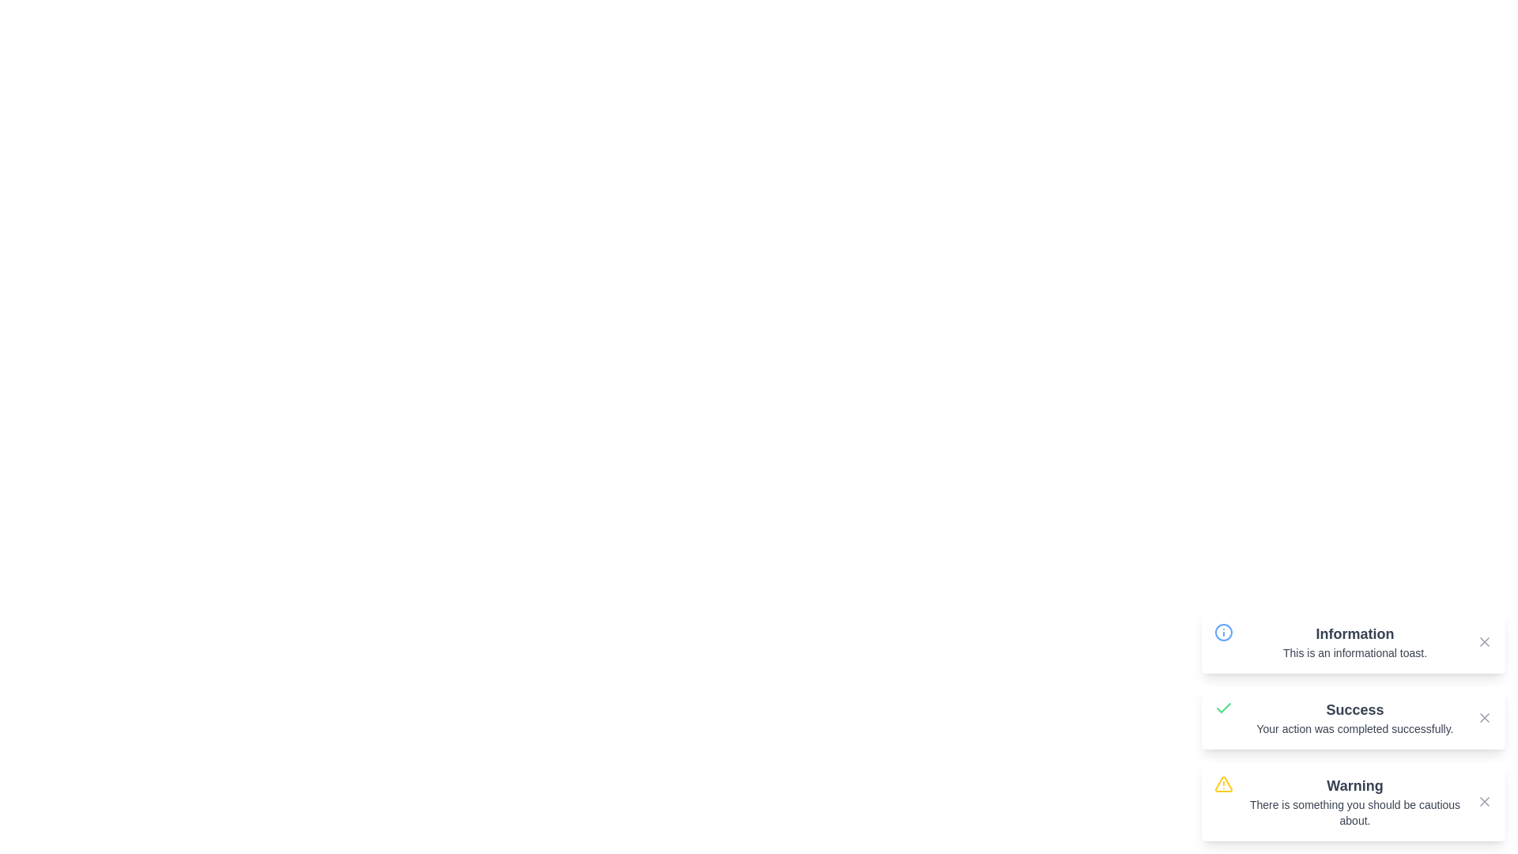 The width and height of the screenshot is (1518, 854). I want to click on the close button located at the top-right corner of the 'Warning' notification card to slightly change its color, so click(1483, 802).